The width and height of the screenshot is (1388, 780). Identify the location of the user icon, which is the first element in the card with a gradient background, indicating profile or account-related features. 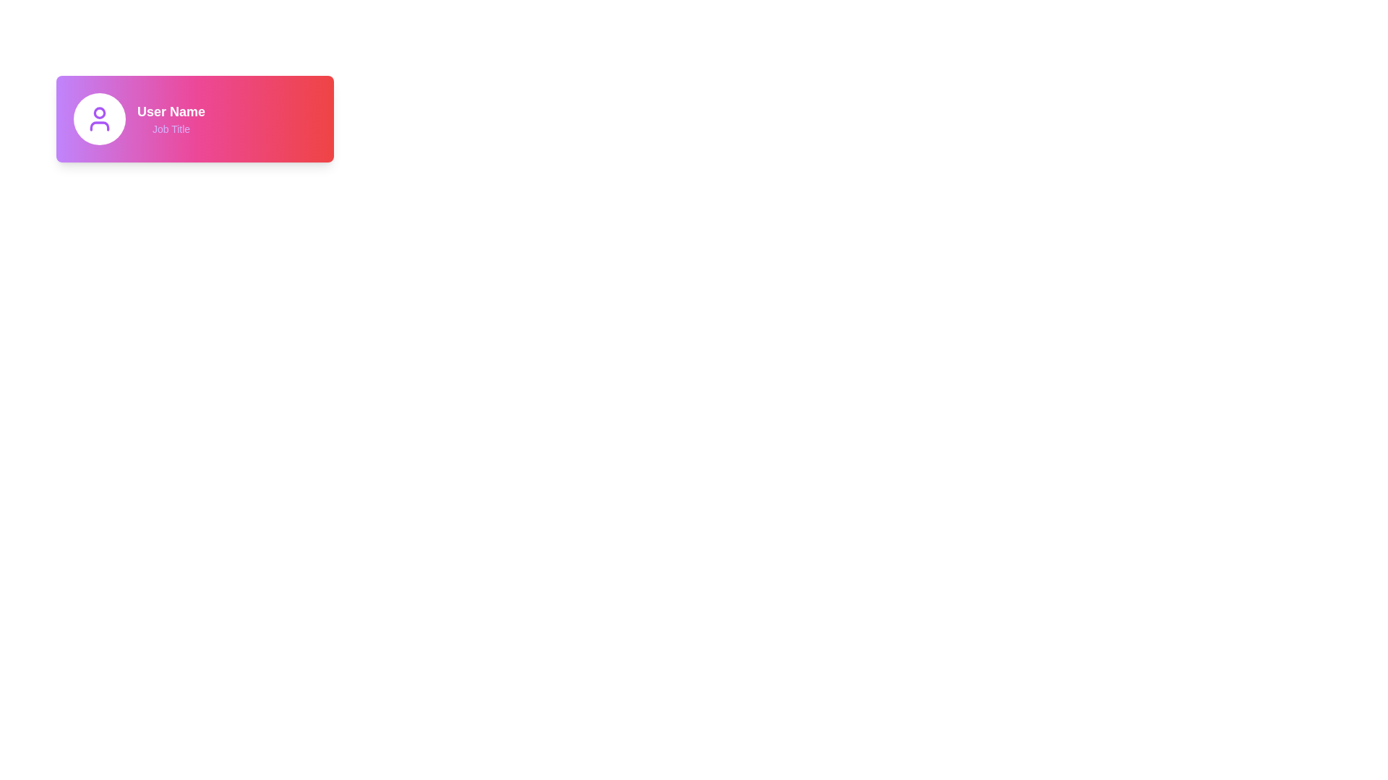
(99, 118).